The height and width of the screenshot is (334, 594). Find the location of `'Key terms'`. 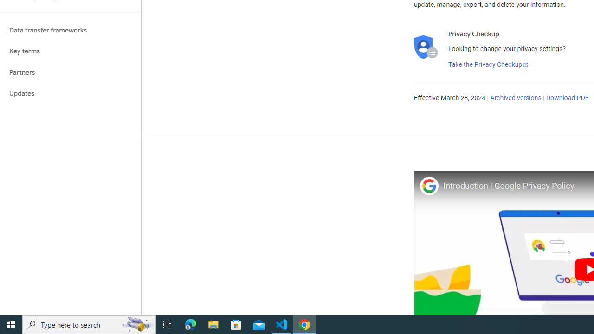

'Key terms' is located at coordinates (70, 51).